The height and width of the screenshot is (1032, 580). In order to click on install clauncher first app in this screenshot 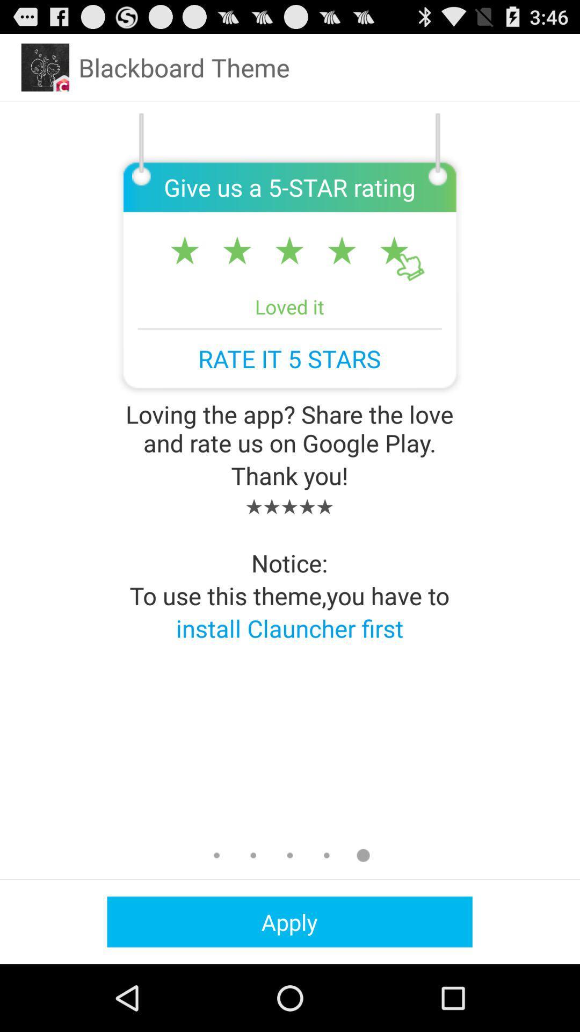, I will do `click(289, 628)`.